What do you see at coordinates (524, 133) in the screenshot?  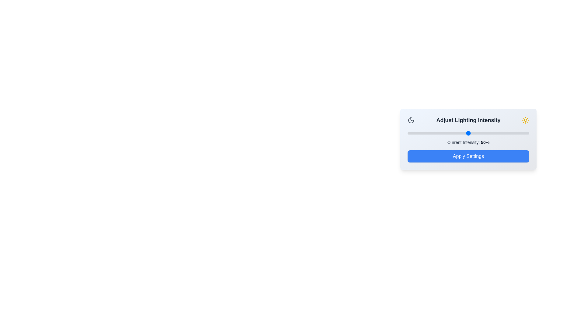 I see `the intensity slider to set the intensity to 96%` at bounding box center [524, 133].